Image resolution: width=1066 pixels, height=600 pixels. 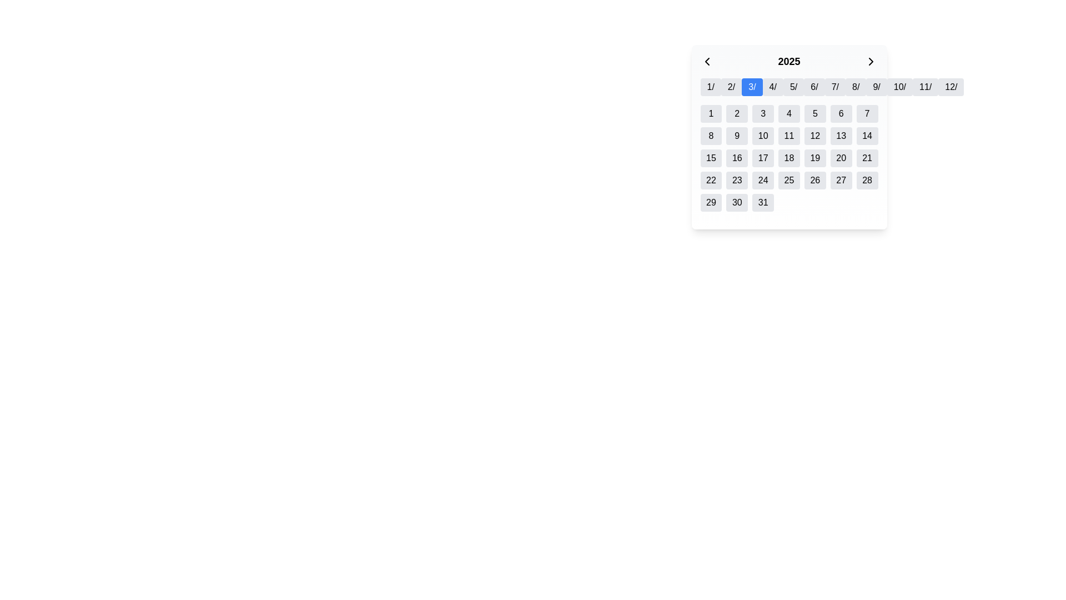 What do you see at coordinates (711, 136) in the screenshot?
I see `the interactive button in the grid layout that allows users` at bounding box center [711, 136].